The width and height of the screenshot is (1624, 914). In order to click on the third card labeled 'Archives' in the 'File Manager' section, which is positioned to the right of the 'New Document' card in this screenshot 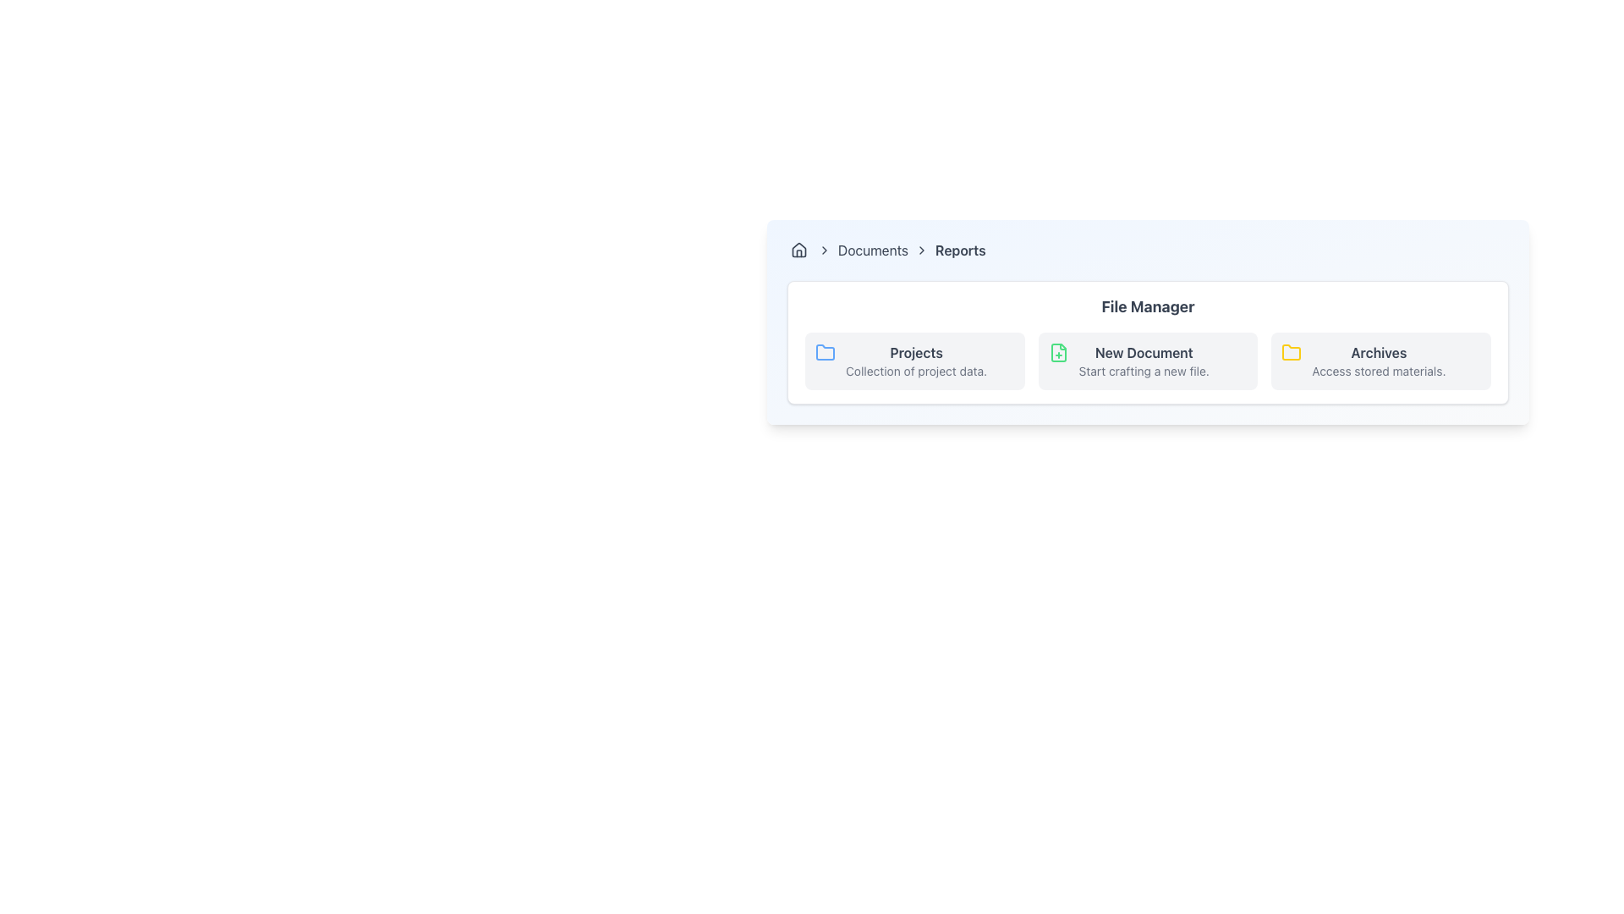, I will do `click(1381, 361)`.